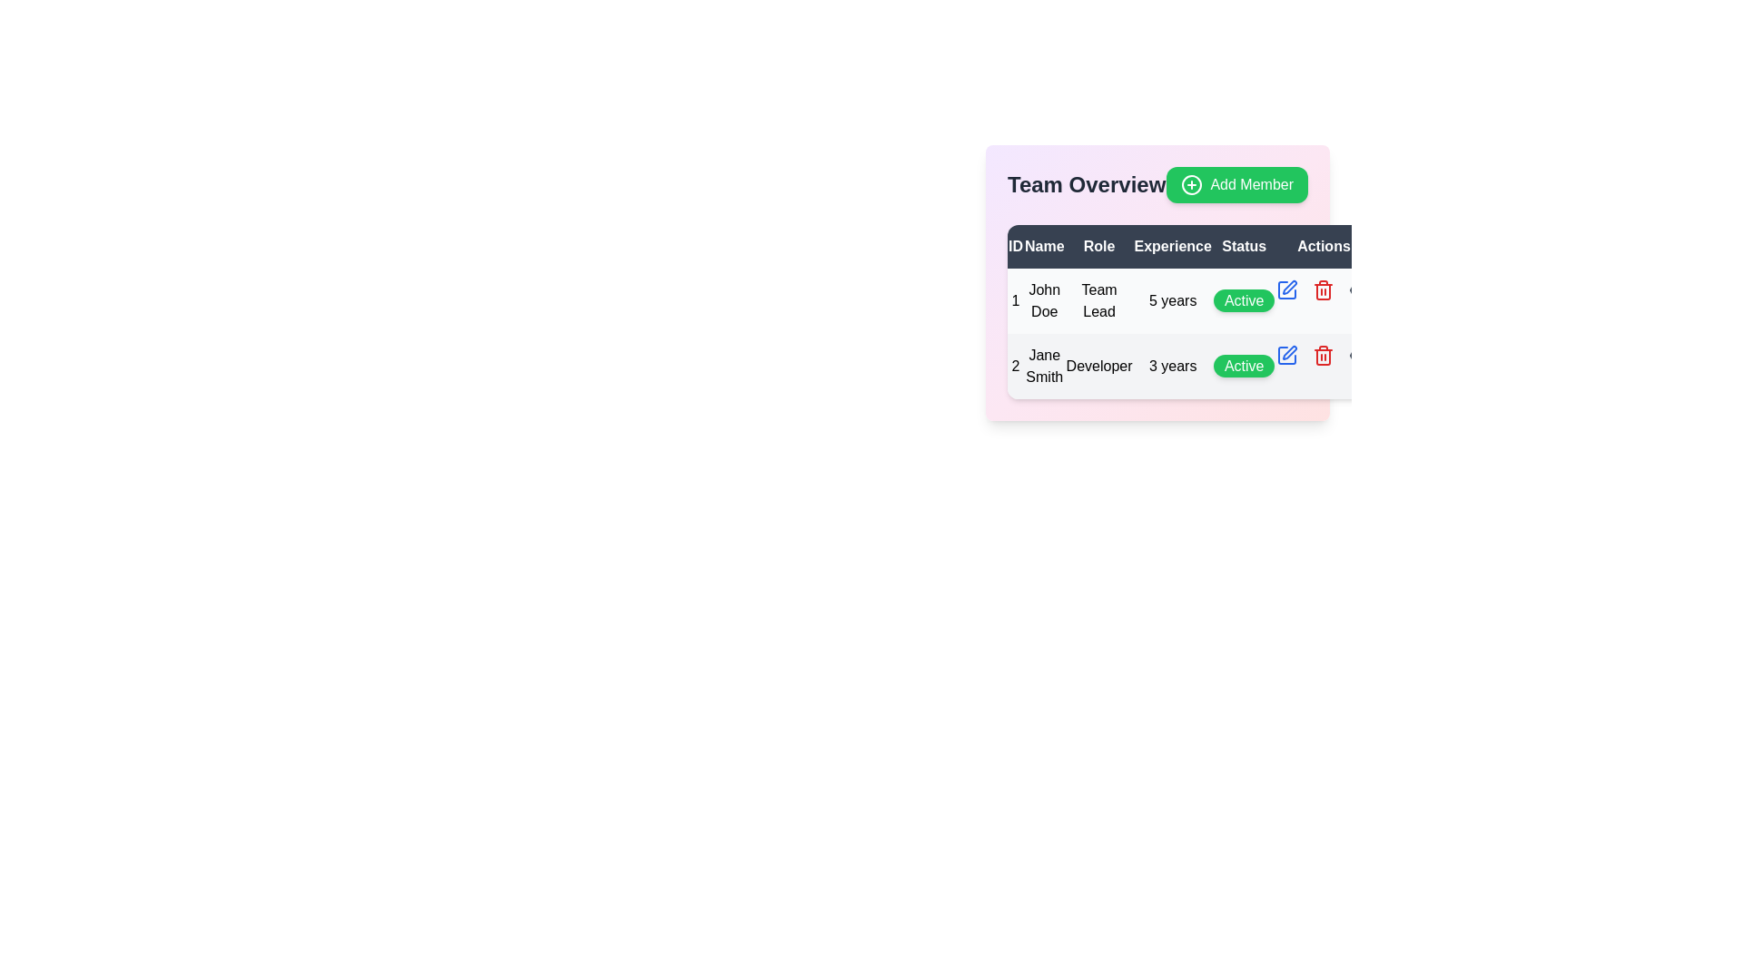  What do you see at coordinates (1173, 247) in the screenshot?
I see `the 'Experience' column header in the table, which is located between the 'Role' header on the left and the 'Status' header on the right, positioned in the middle-top portion of the interface` at bounding box center [1173, 247].